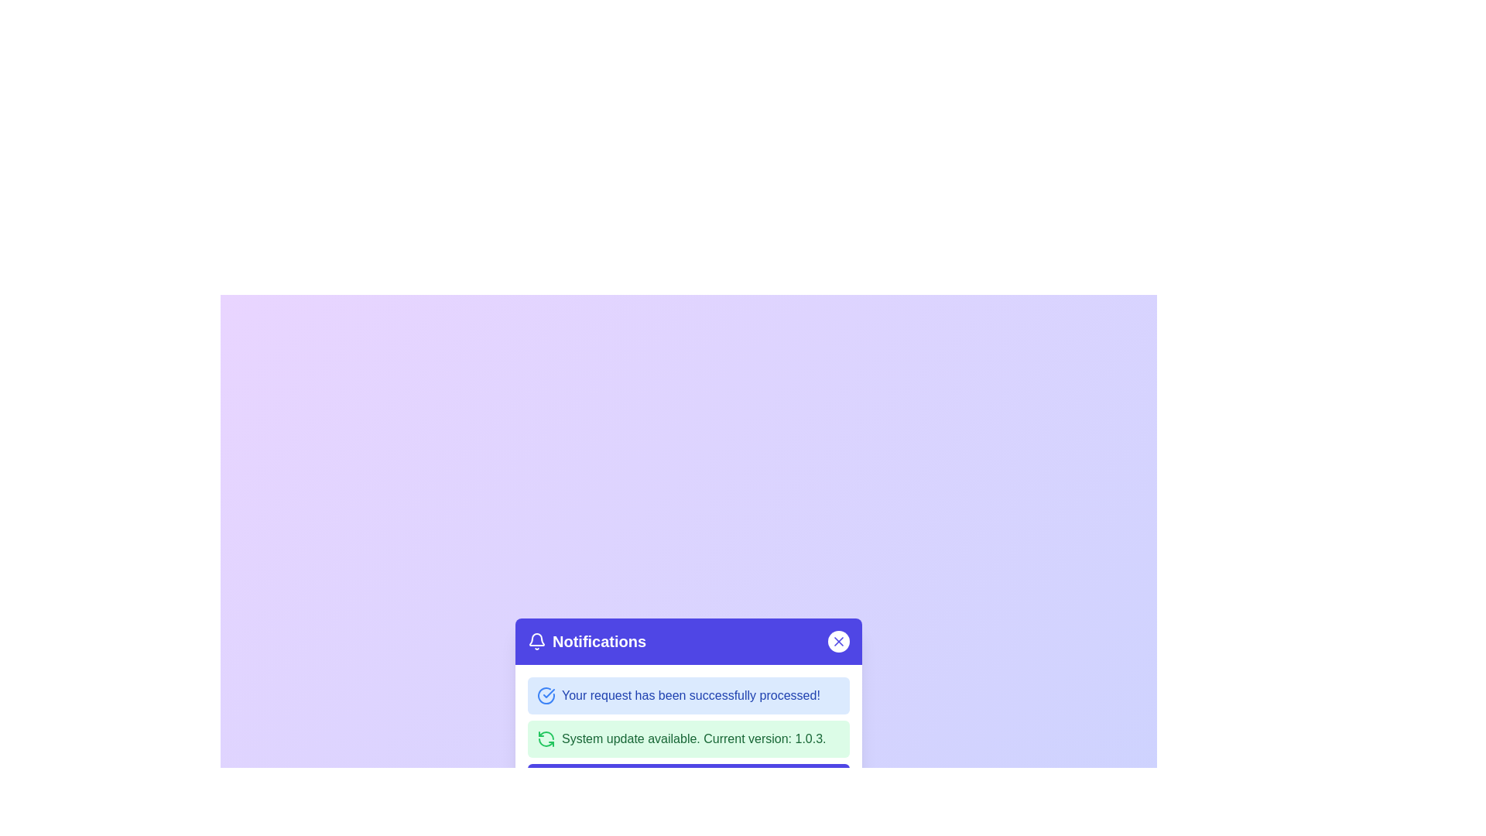 This screenshot has height=836, width=1486. What do you see at coordinates (693, 738) in the screenshot?
I see `the text notification that displays 'System update available. Current version: 1.0.3.' located in the second notification item of the notification panel` at bounding box center [693, 738].